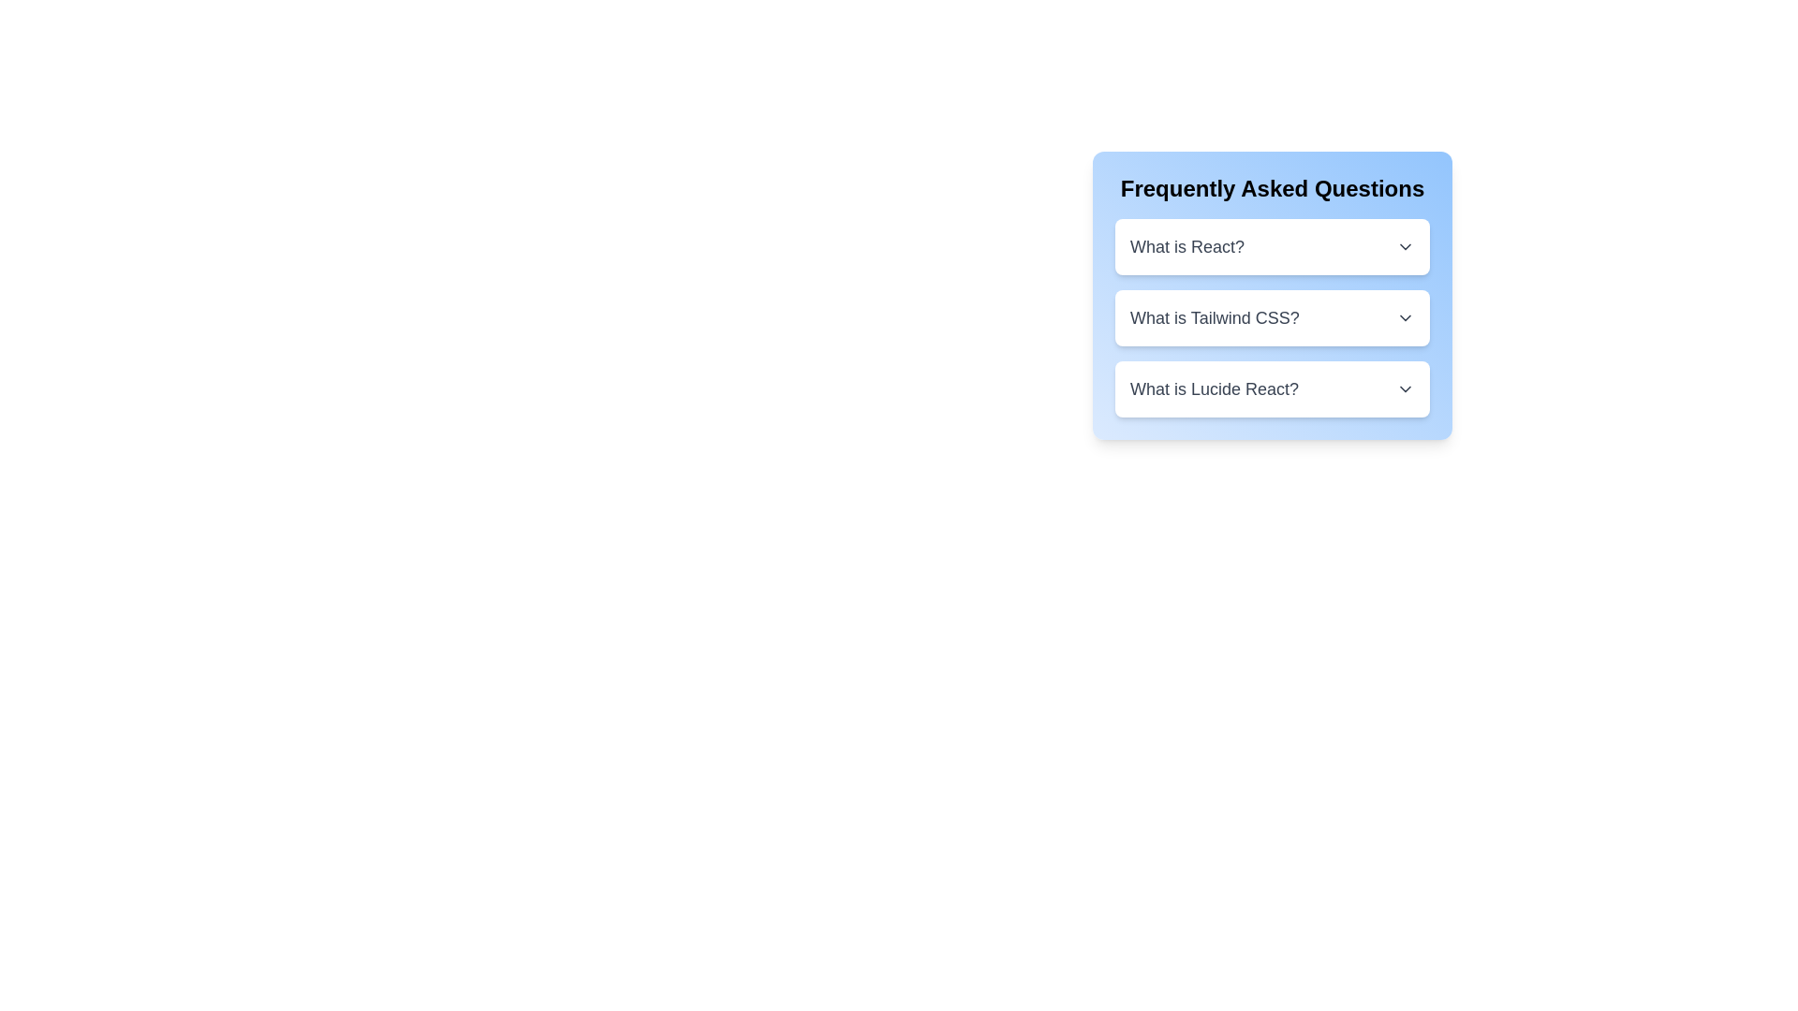  Describe the element at coordinates (1215, 316) in the screenshot. I see `the label displaying the question 'What is Tailwind CSS?' in the FAQ section, located between 'What is React?' and 'What is Lucide React?'` at that location.